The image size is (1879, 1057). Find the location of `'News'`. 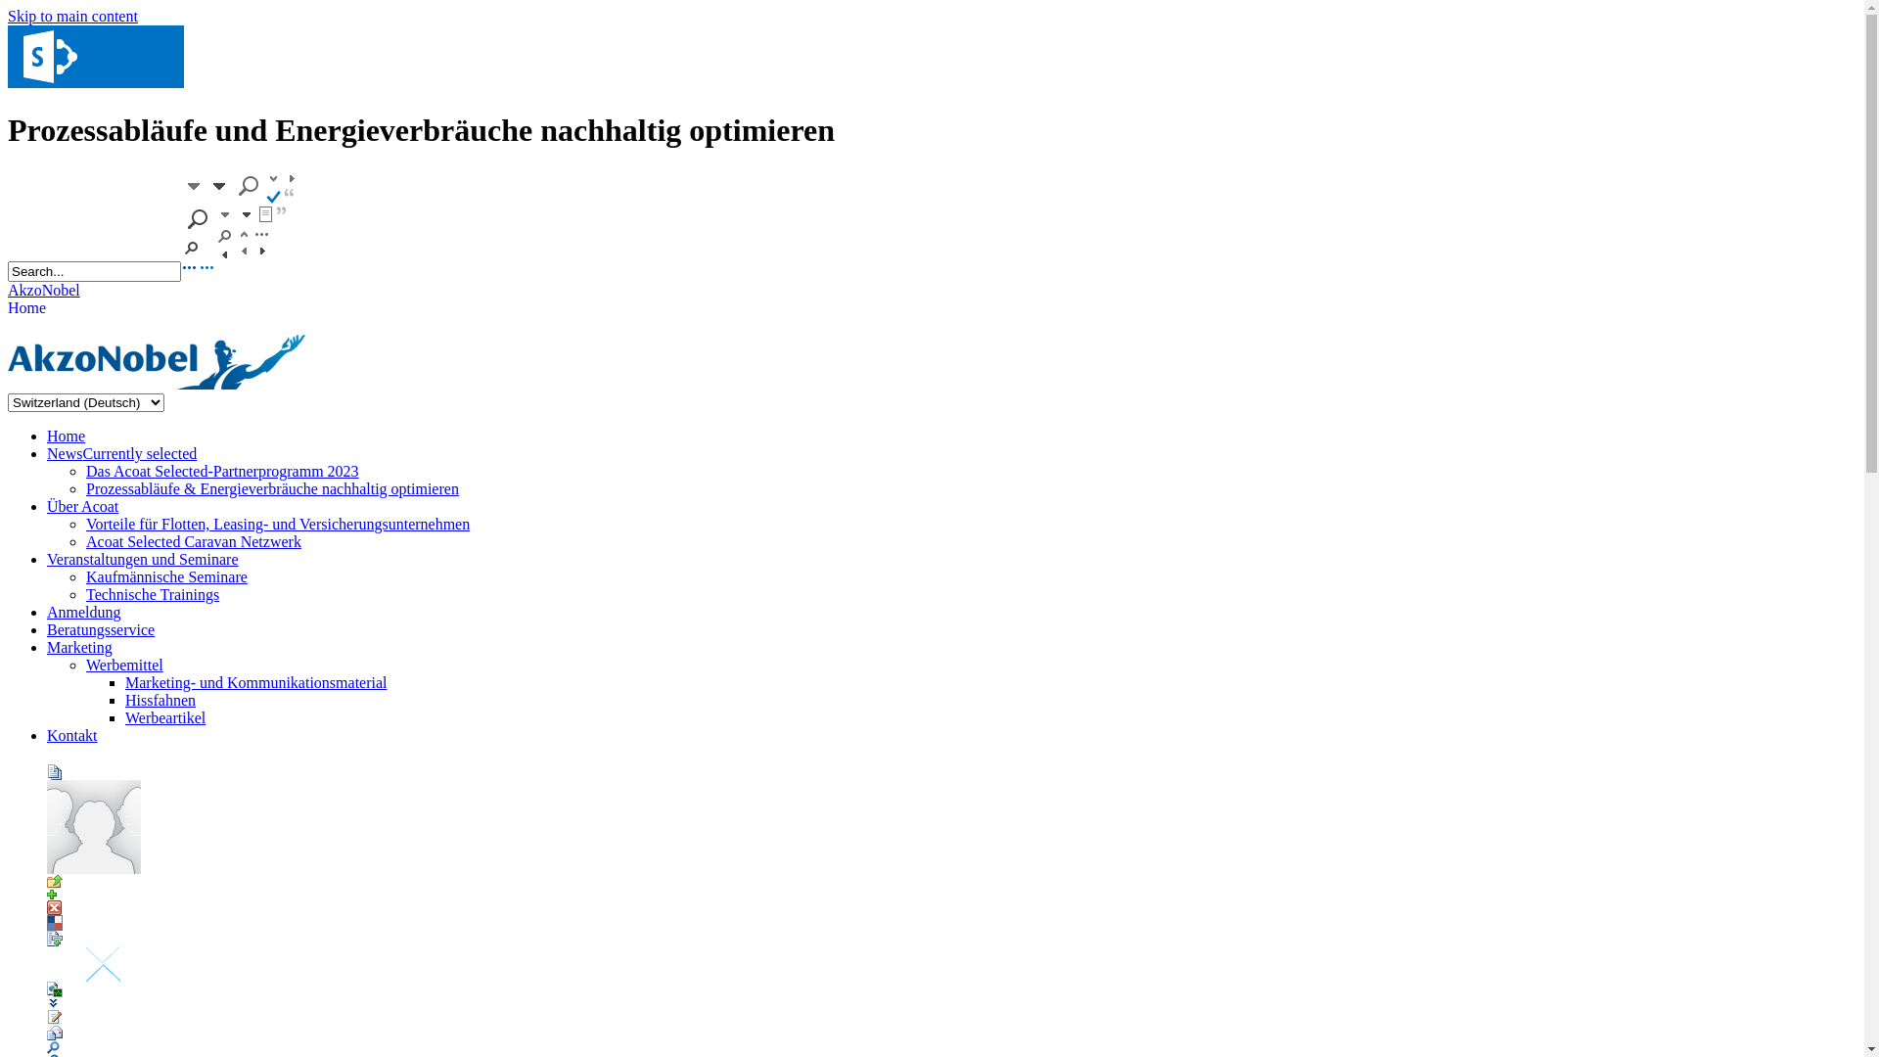

'News' is located at coordinates (94, 81).